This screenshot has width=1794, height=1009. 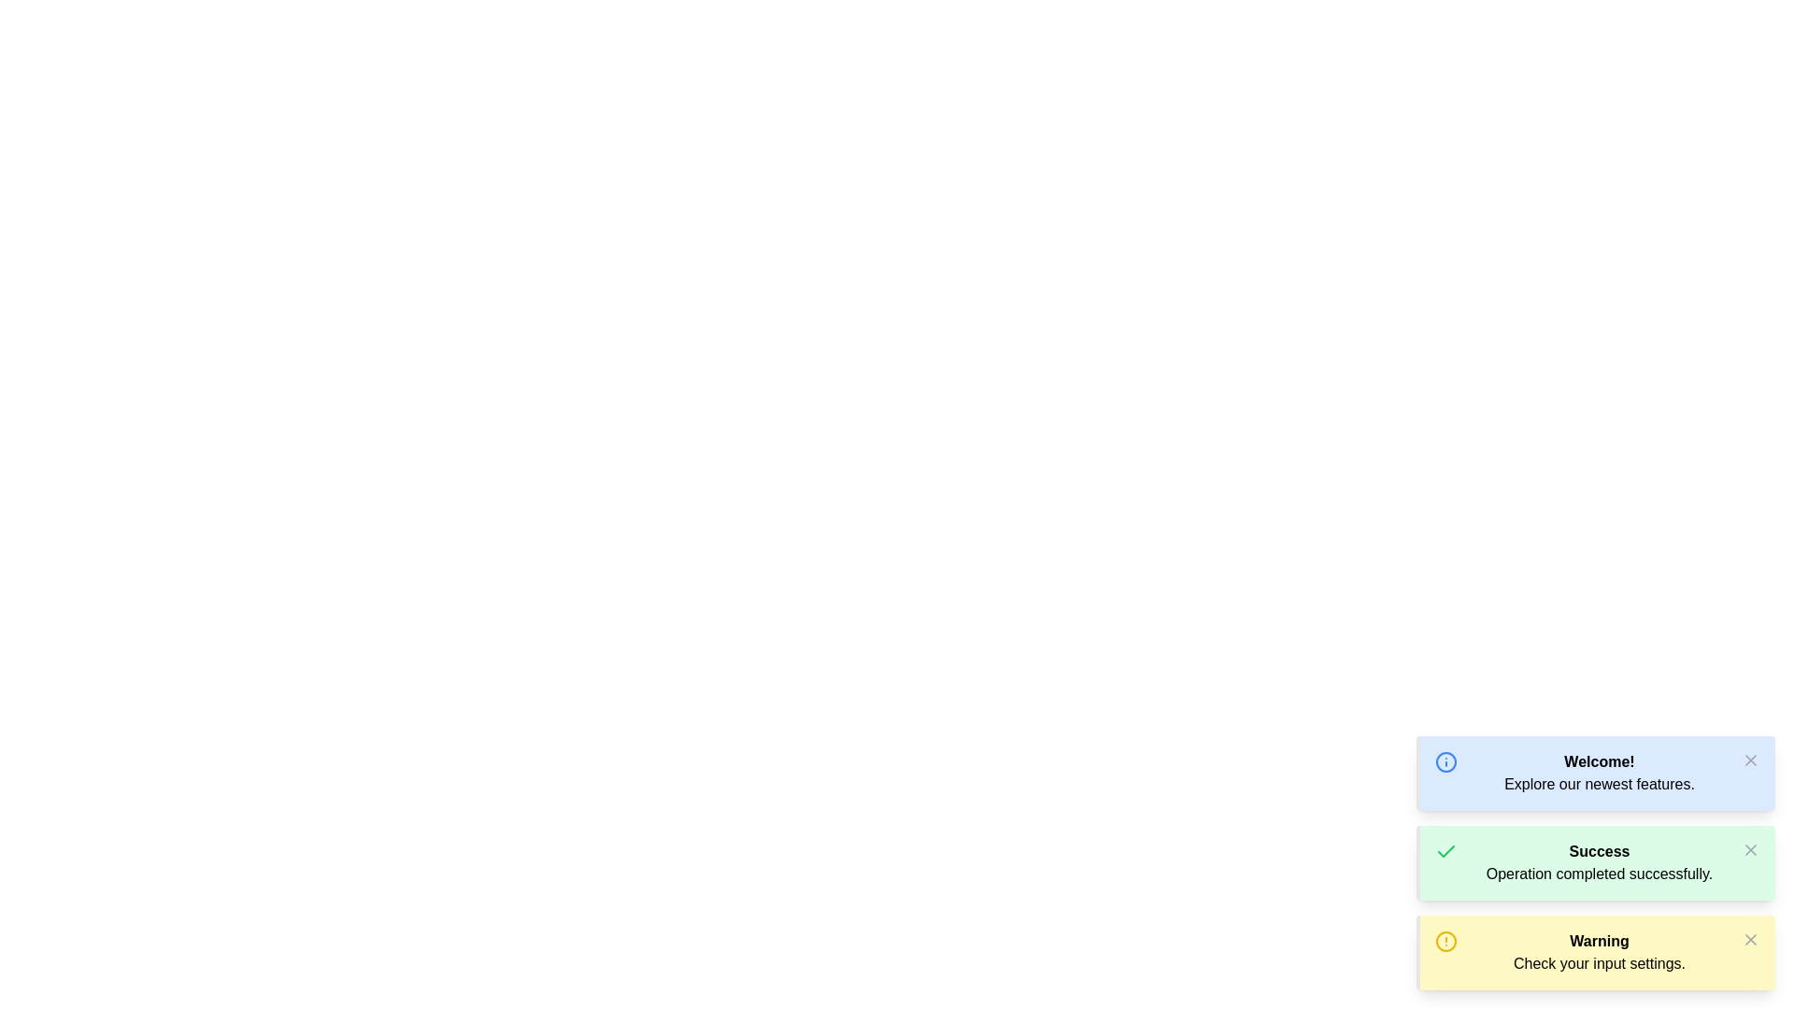 What do you see at coordinates (1749, 940) in the screenshot?
I see `the close button located at the top-right corner of the 'Warning' notification box to change its appearance` at bounding box center [1749, 940].